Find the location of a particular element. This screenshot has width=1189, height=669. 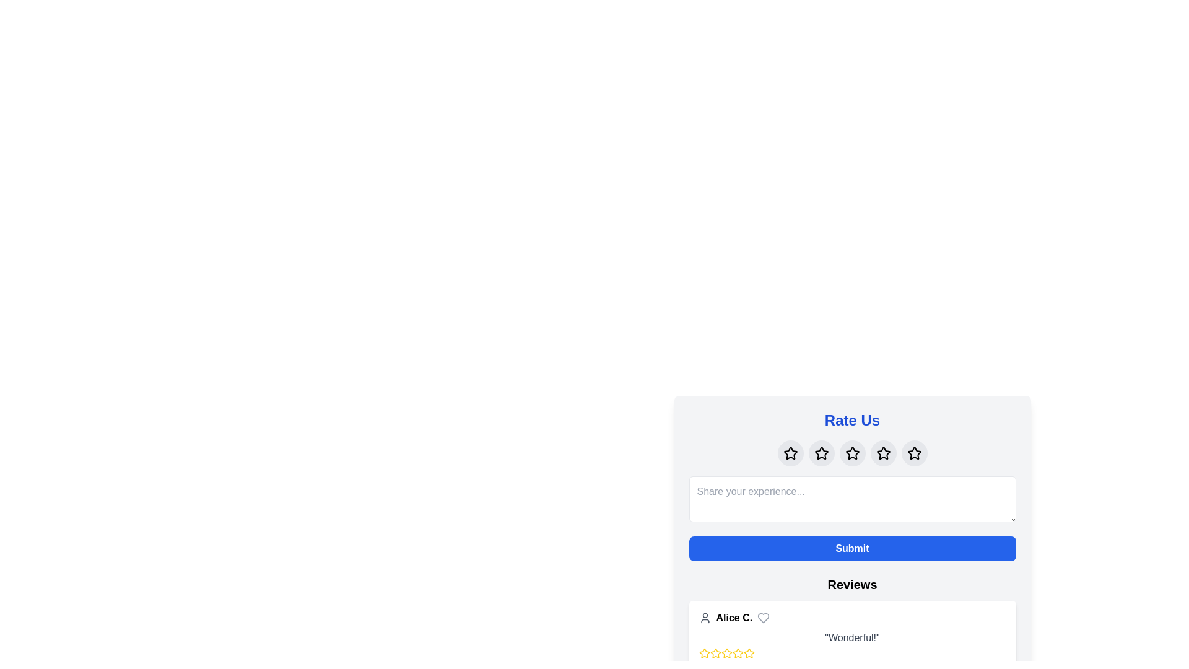

the fourth star-shaped Rating Button with a soft gray textured background located beneath the 'Rate Us' heading is located at coordinates (882, 453).